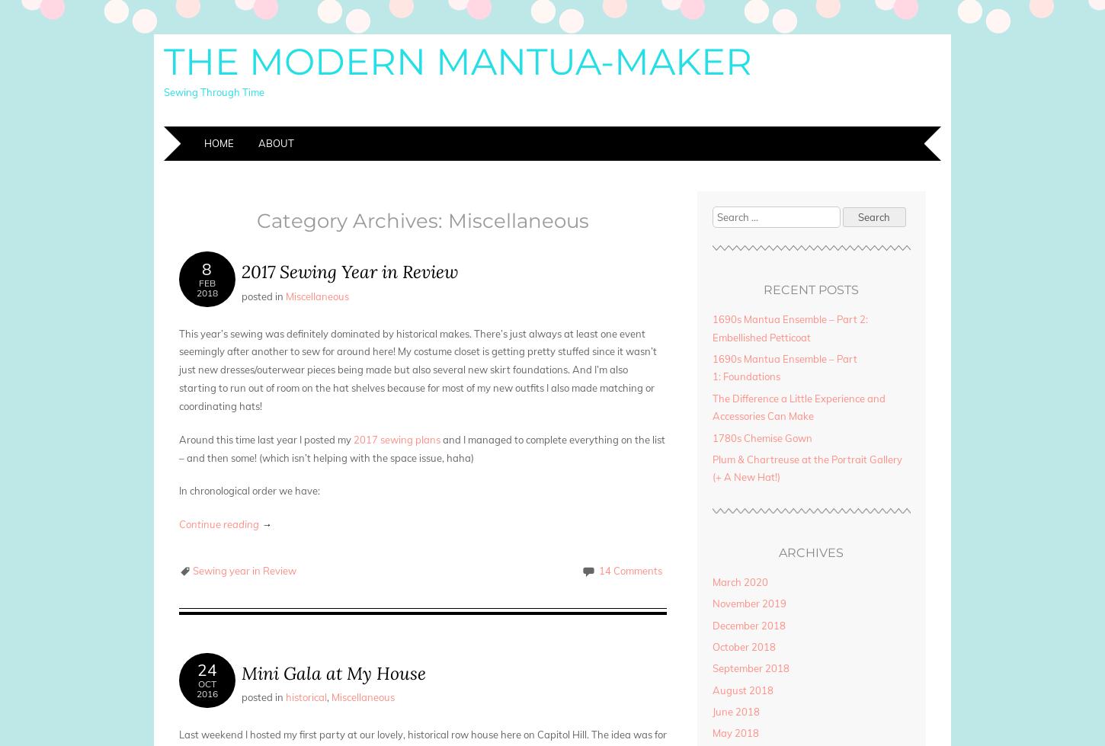 This screenshot has width=1105, height=746. Describe the element at coordinates (207, 693) in the screenshot. I see `'2016'` at that location.